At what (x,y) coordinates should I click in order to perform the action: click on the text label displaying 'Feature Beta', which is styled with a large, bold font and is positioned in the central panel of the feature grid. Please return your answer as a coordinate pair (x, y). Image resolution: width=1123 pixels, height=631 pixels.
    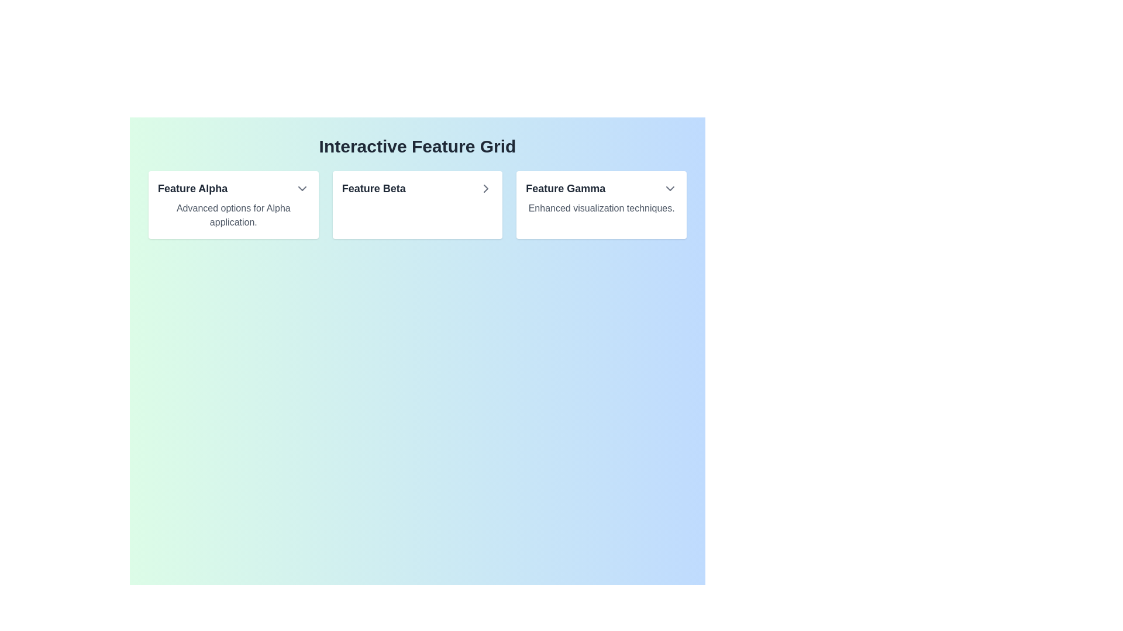
    Looking at the image, I should click on (373, 188).